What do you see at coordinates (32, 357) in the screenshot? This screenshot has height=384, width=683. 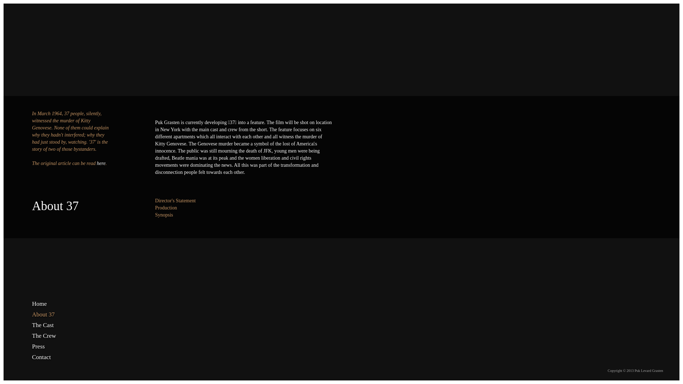 I see `'Contact'` at bounding box center [32, 357].